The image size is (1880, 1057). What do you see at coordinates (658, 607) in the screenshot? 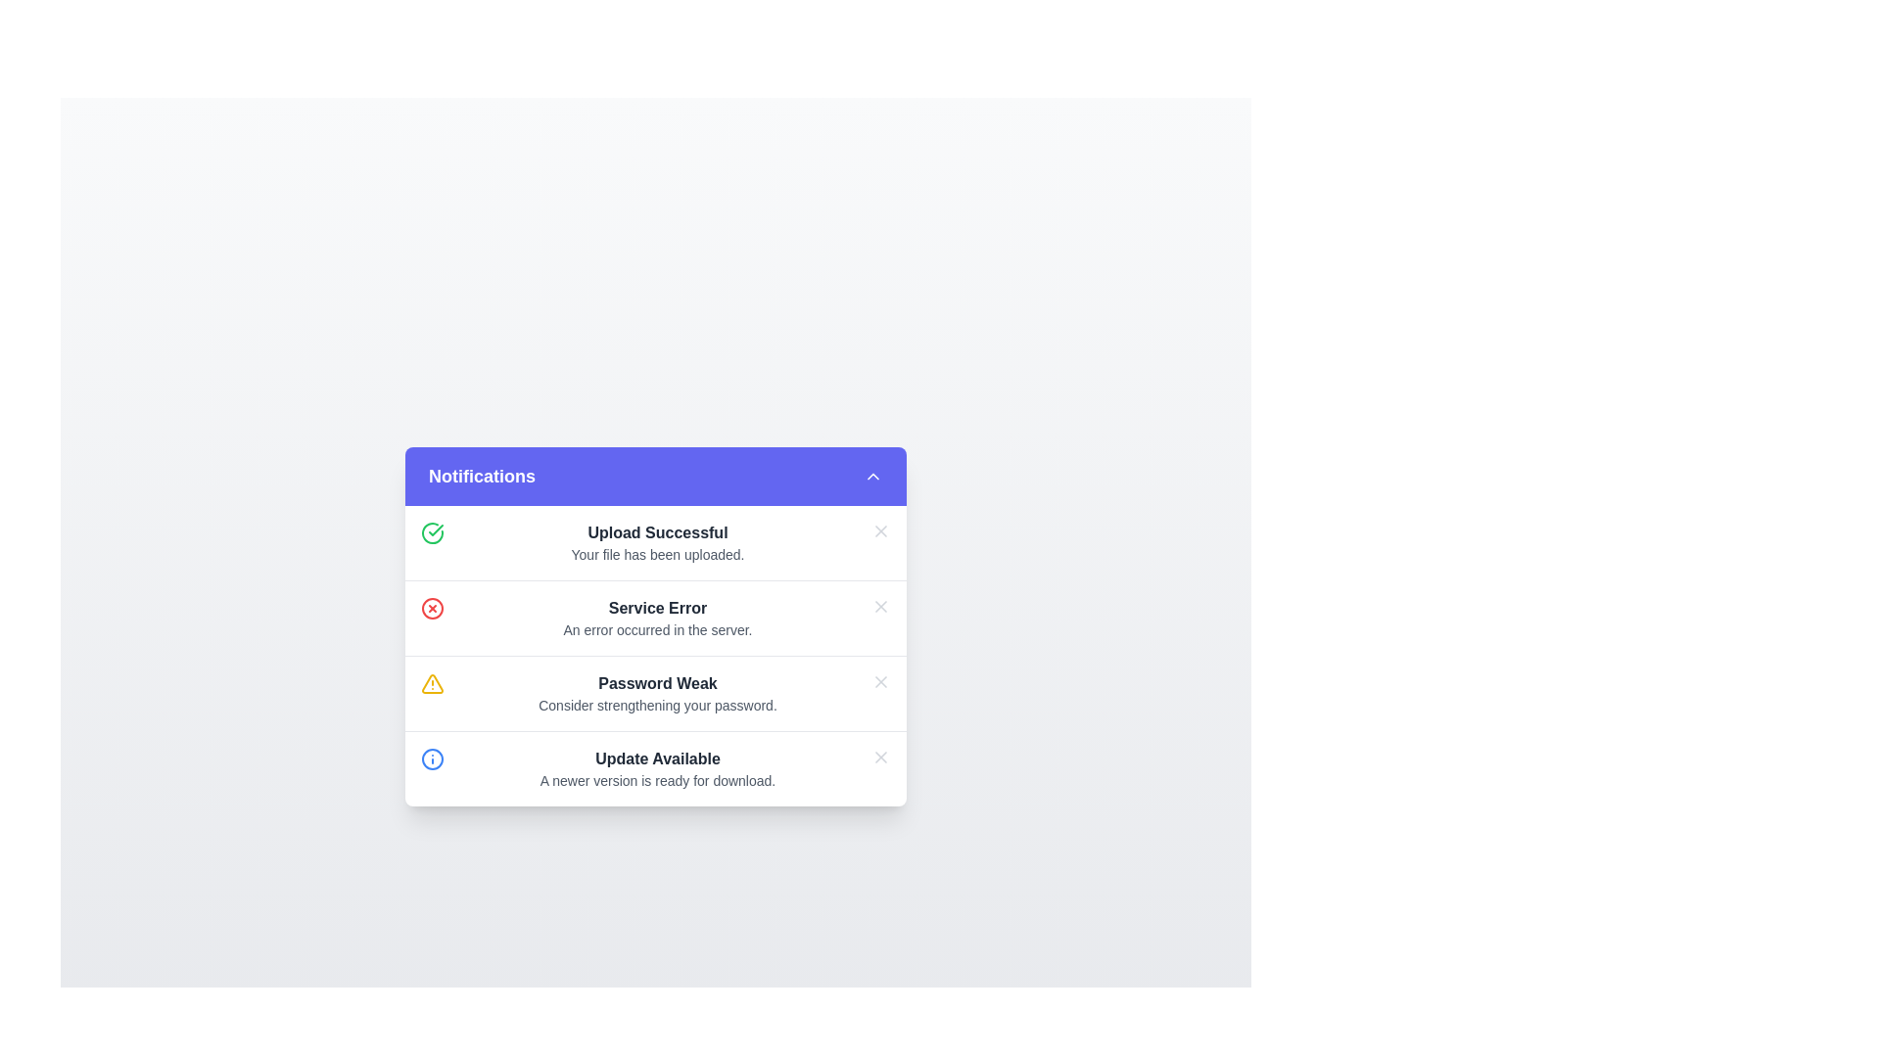
I see `the 'Service Error' notification using the bold dark gray text label located centrally within the notification layout, positioned` at bounding box center [658, 607].